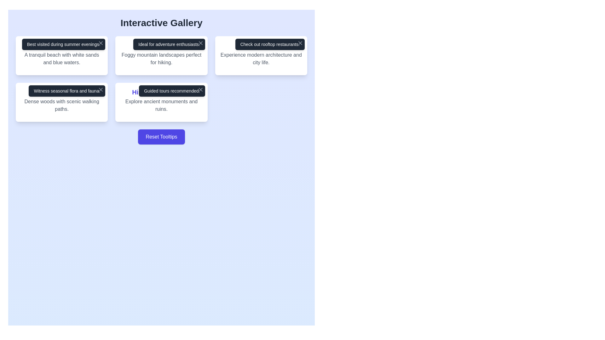  I want to click on the 'Reset Tooltips' button, which is a distinct rectangular button with a purple background and white text located at the center-bottom of the layout, so click(161, 137).